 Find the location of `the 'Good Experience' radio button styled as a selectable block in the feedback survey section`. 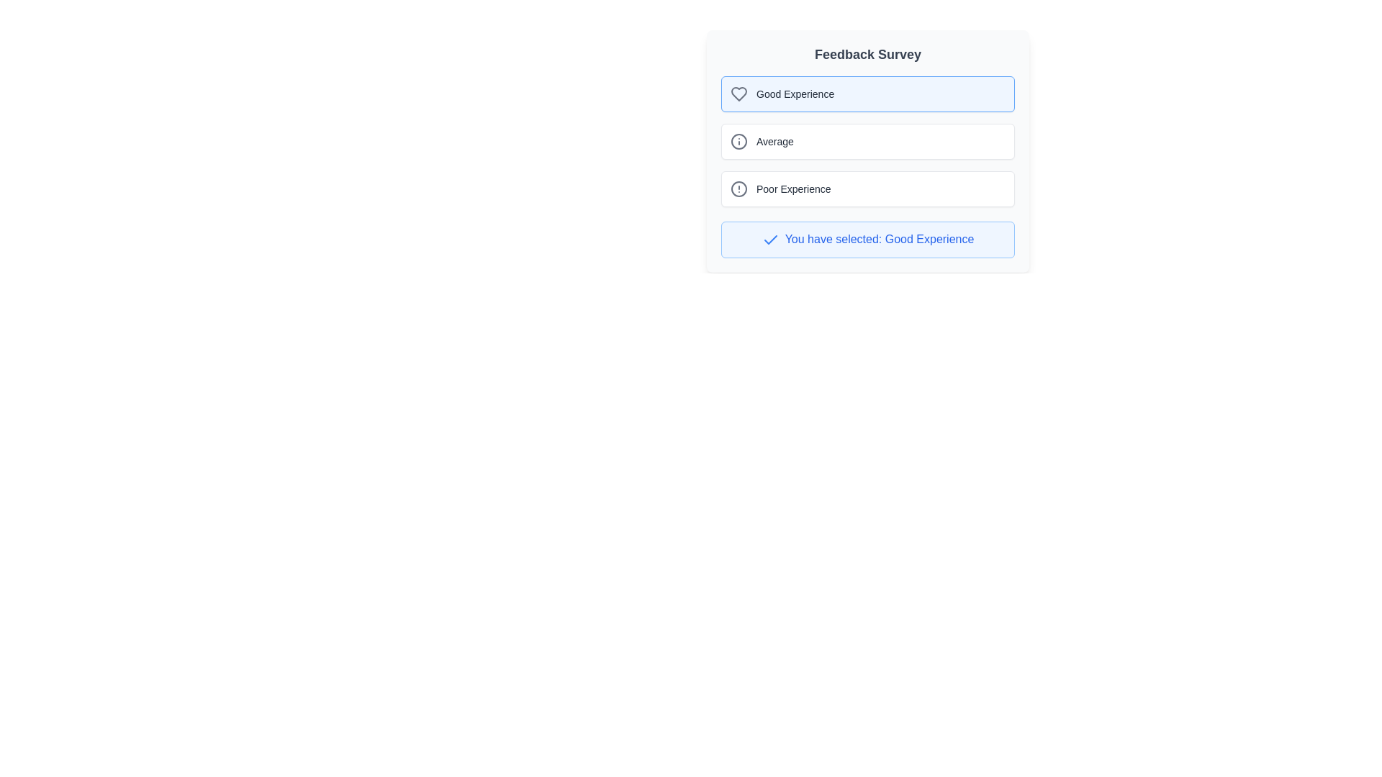

the 'Good Experience' radio button styled as a selectable block in the feedback survey section is located at coordinates (867, 94).